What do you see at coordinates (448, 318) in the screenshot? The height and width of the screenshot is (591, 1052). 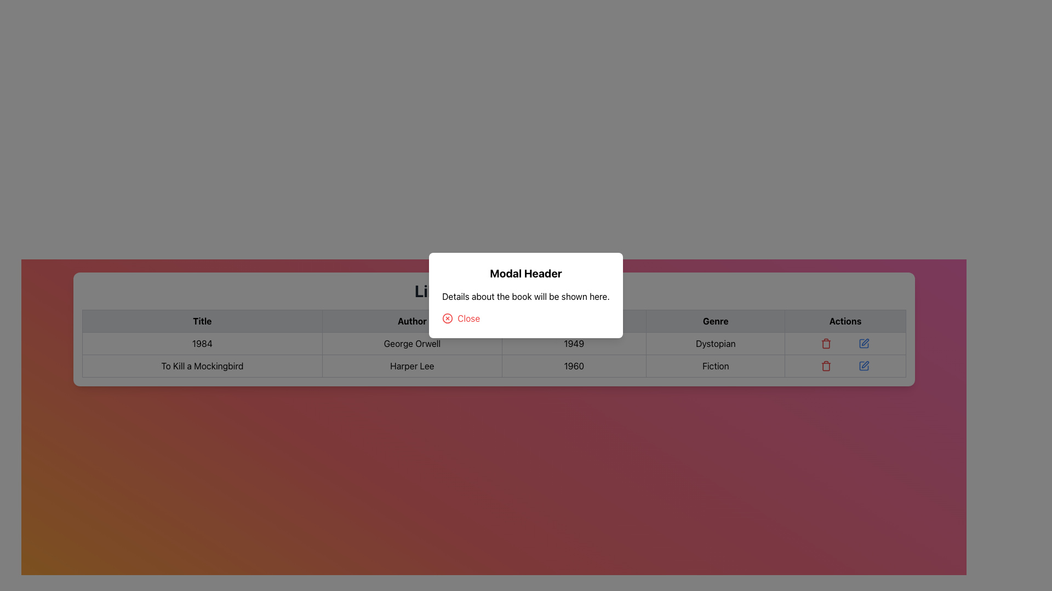 I see `the close icon located at the bottom right of the modal dialog` at bounding box center [448, 318].